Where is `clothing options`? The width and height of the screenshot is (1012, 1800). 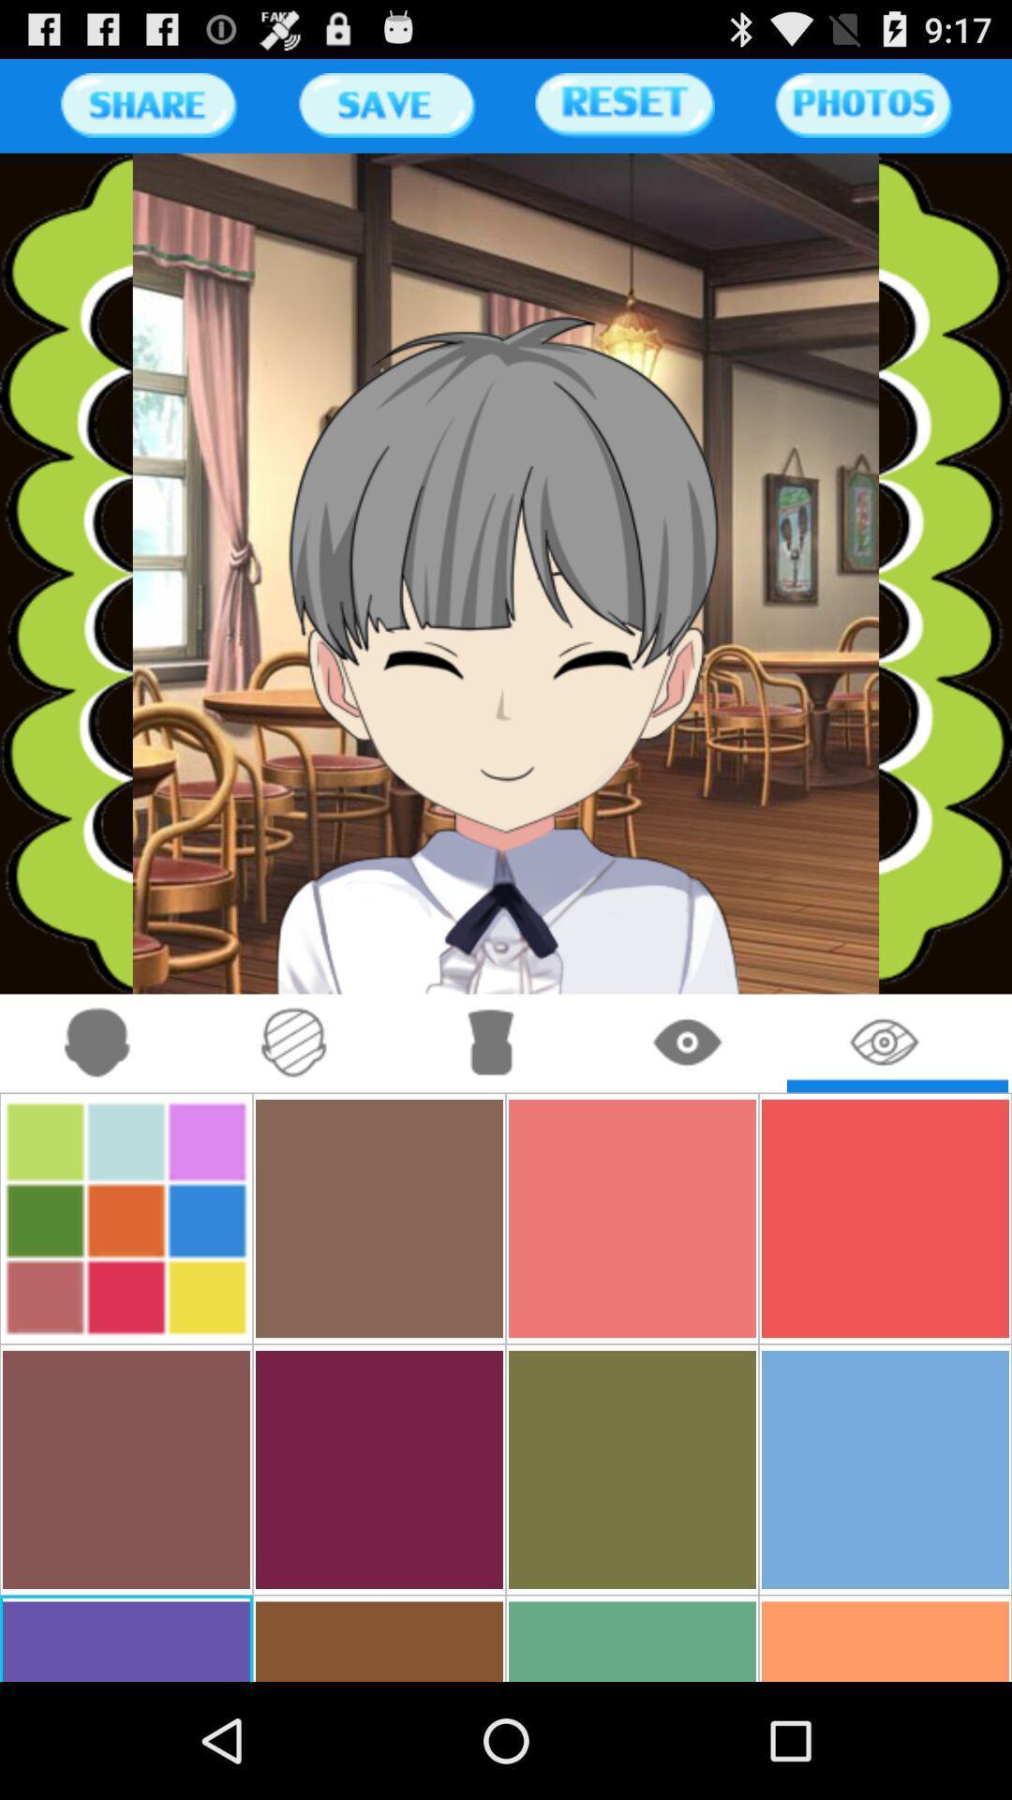
clothing options is located at coordinates (490, 1042).